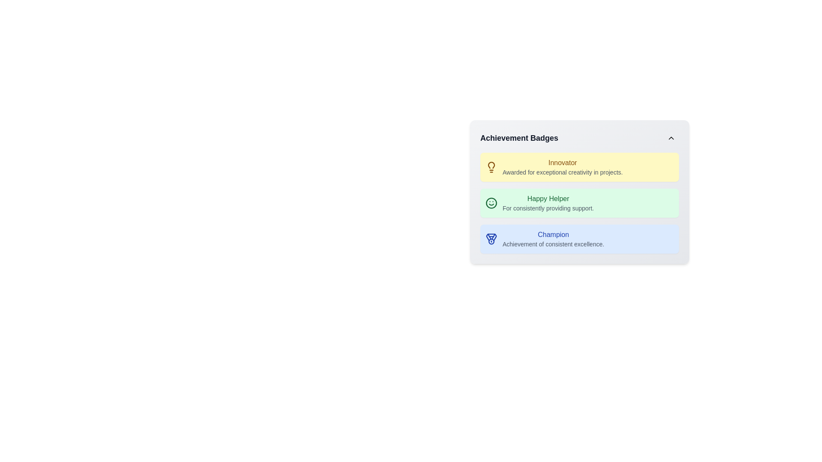  I want to click on the 'Champion' award icon located at the leftmost side of the blue-highlighted card, which is the last card in a vertical stack, so click(491, 239).